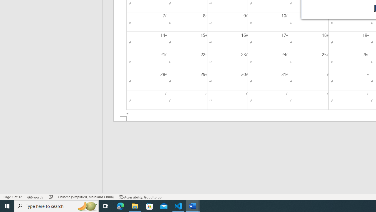  I want to click on 'Word - 2 running windows', so click(193, 206).